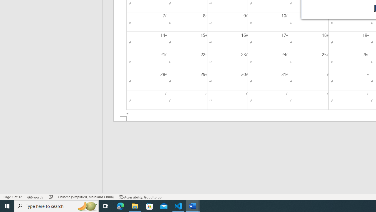  I want to click on 'Word - 2 running windows', so click(193, 206).